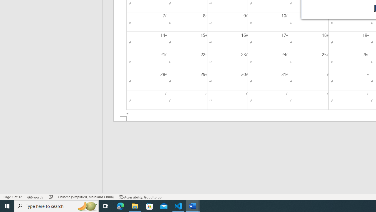  I want to click on 'Word - 2 running windows', so click(193, 206).